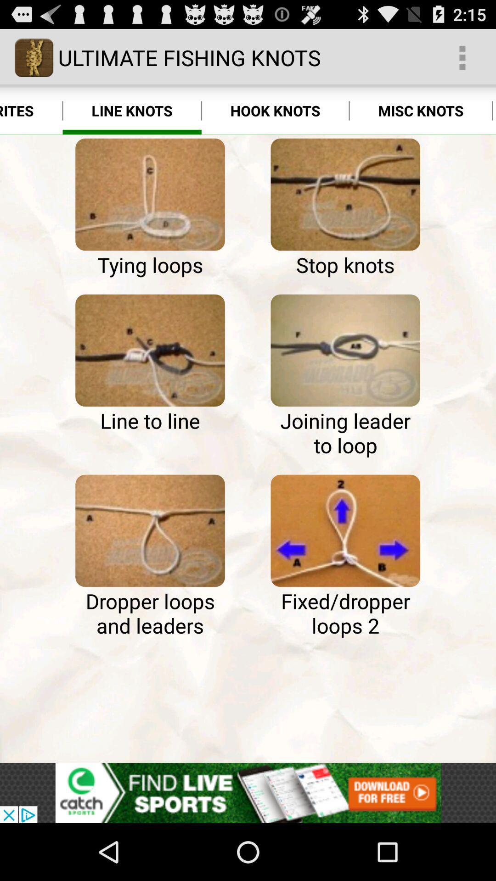 This screenshot has width=496, height=881. I want to click on line to line knot, so click(150, 350).